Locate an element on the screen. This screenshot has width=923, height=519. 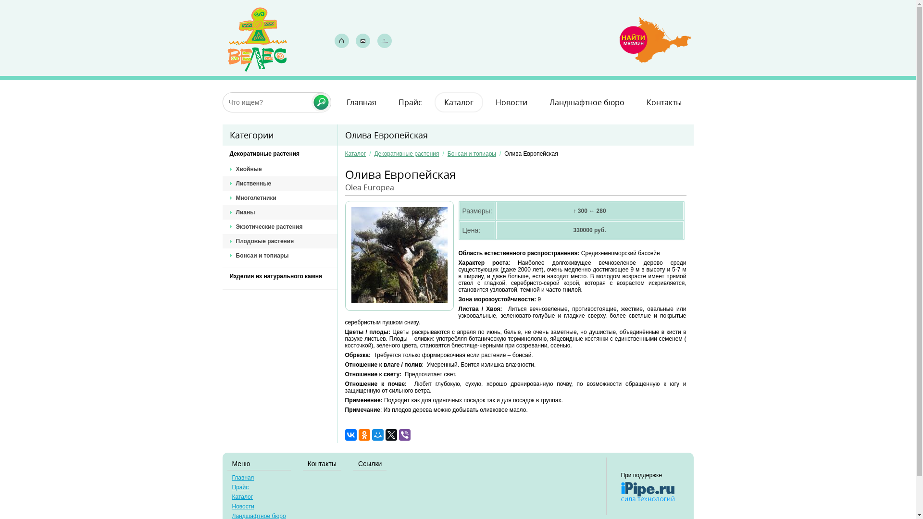
'Contacts' is located at coordinates (362, 40).